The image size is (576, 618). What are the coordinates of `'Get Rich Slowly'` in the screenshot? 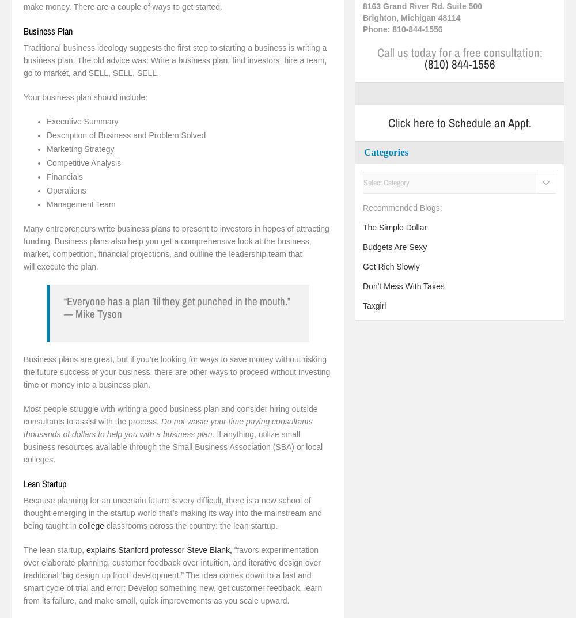 It's located at (391, 266).